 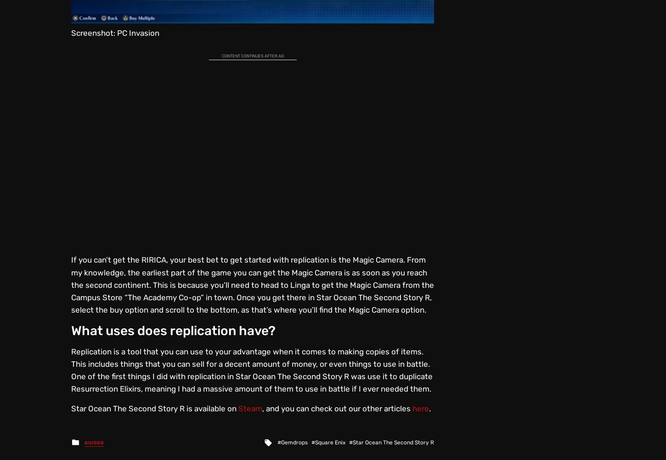 I want to click on ', and you can check out our other articles', so click(x=337, y=408).